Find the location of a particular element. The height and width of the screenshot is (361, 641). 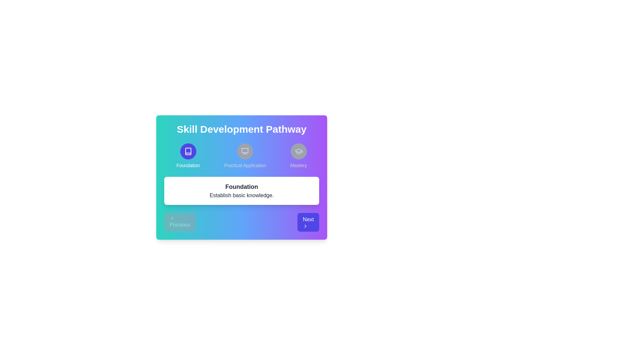

the phase indicator for Practical Application to jump to that phase is located at coordinates (245, 156).